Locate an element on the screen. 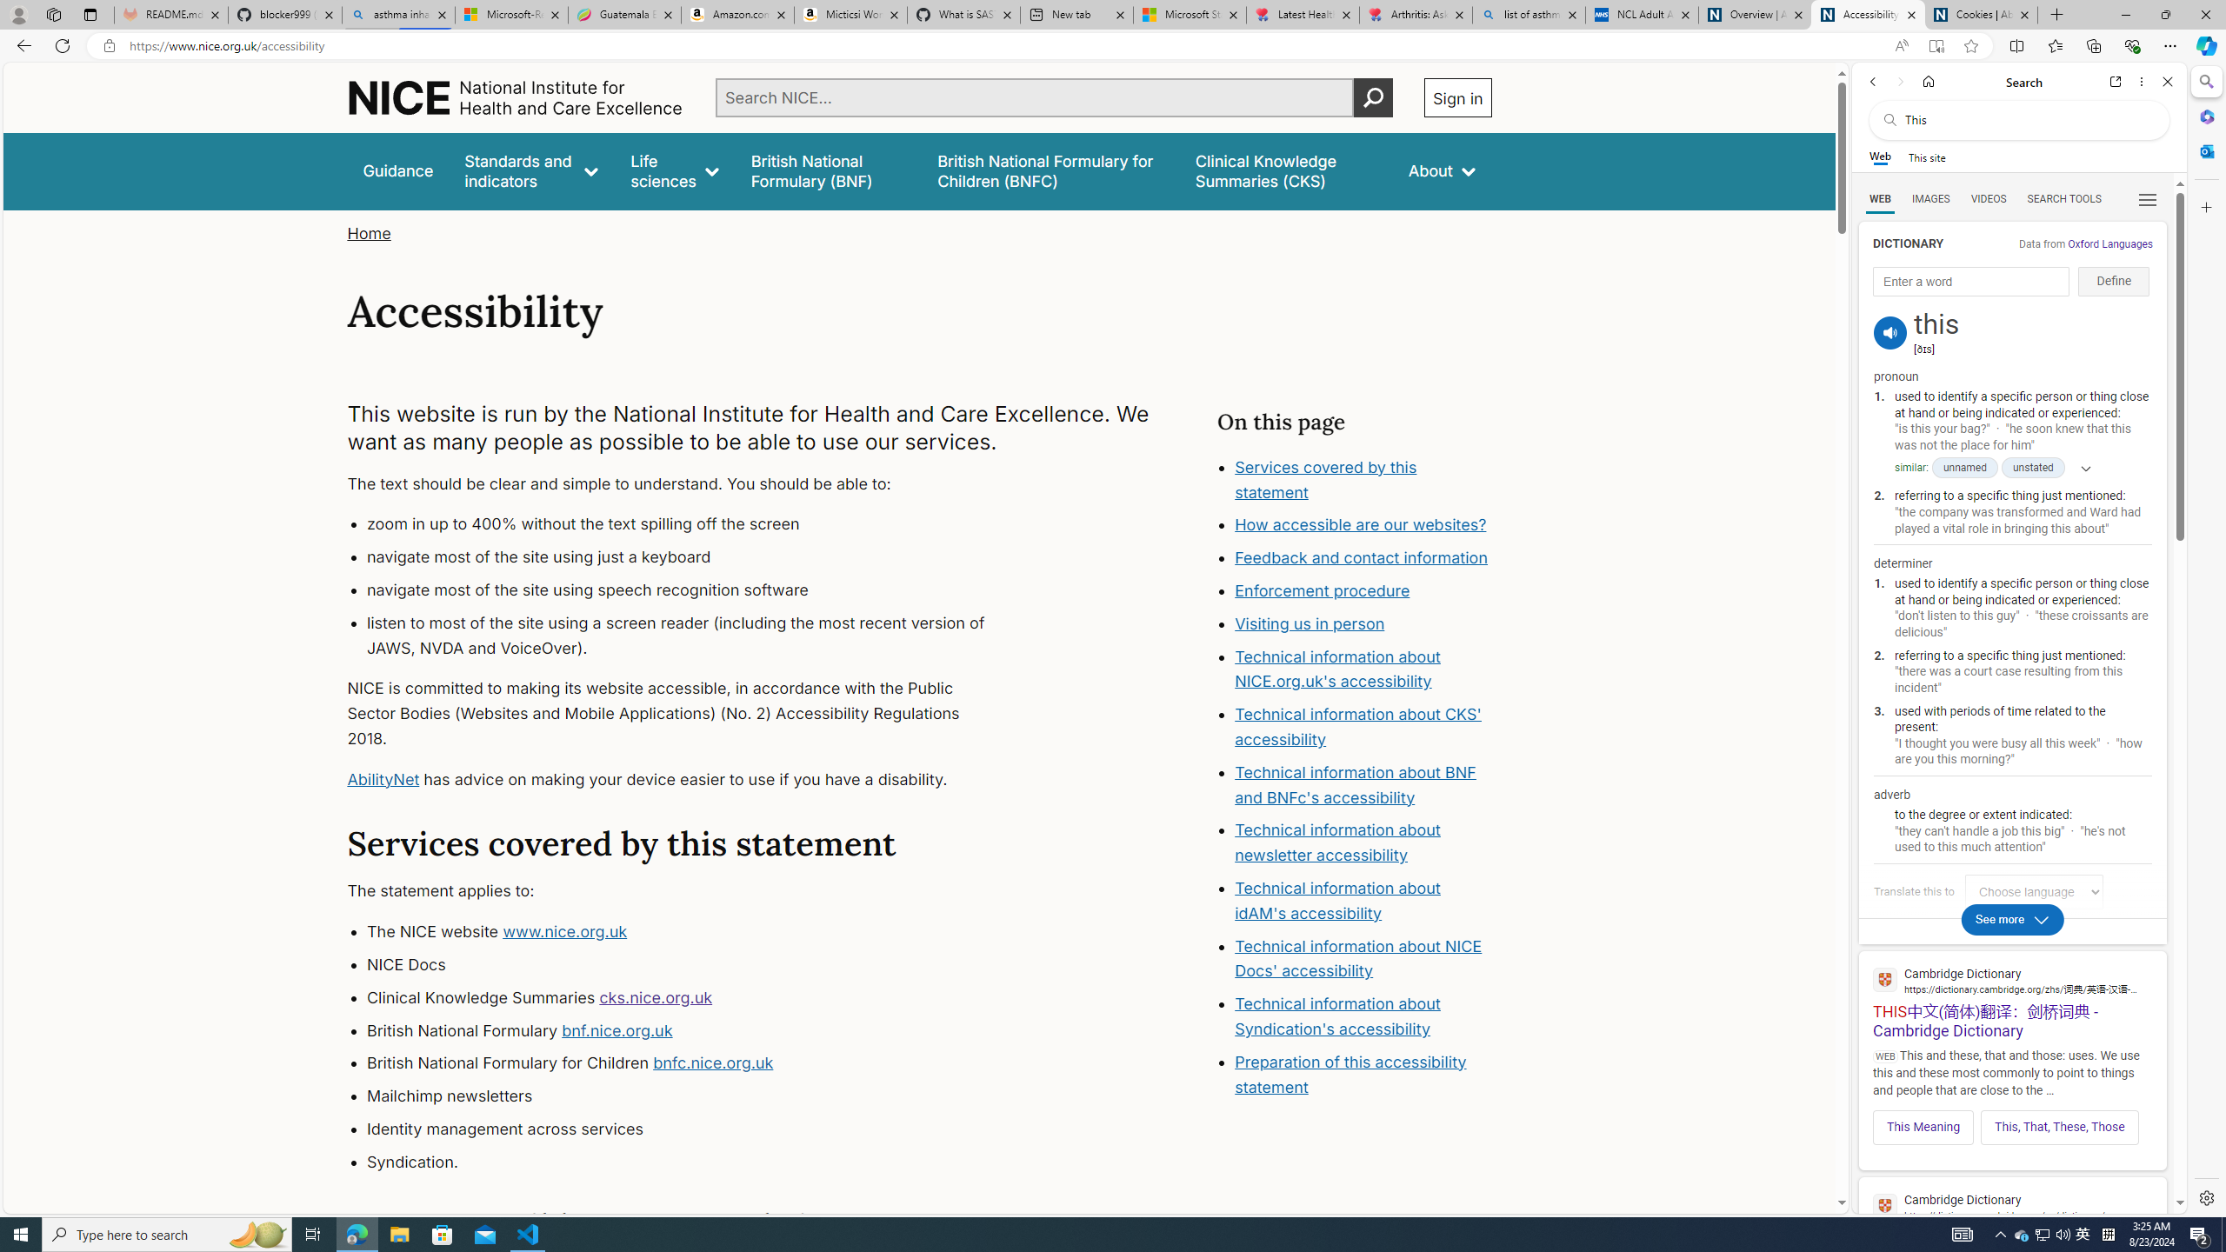 This screenshot has height=1252, width=2226. 'Define' is located at coordinates (2114, 281).